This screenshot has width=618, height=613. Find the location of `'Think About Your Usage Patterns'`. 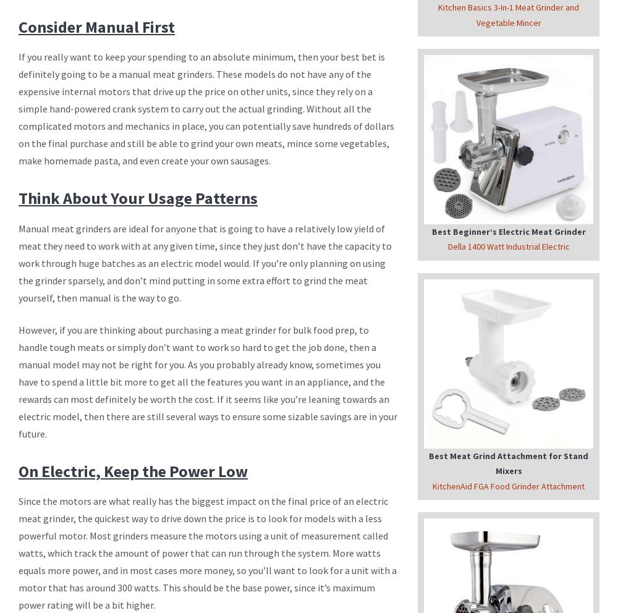

'Think About Your Usage Patterns' is located at coordinates (137, 198).